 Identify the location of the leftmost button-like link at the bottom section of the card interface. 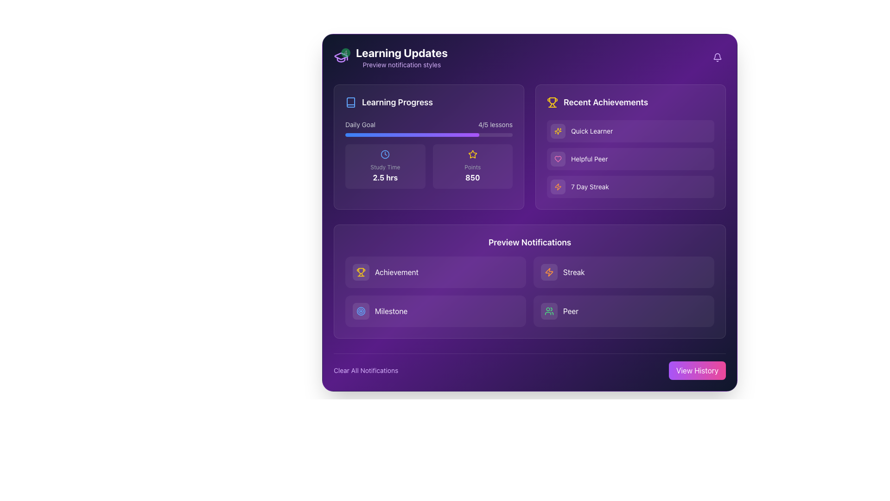
(365, 370).